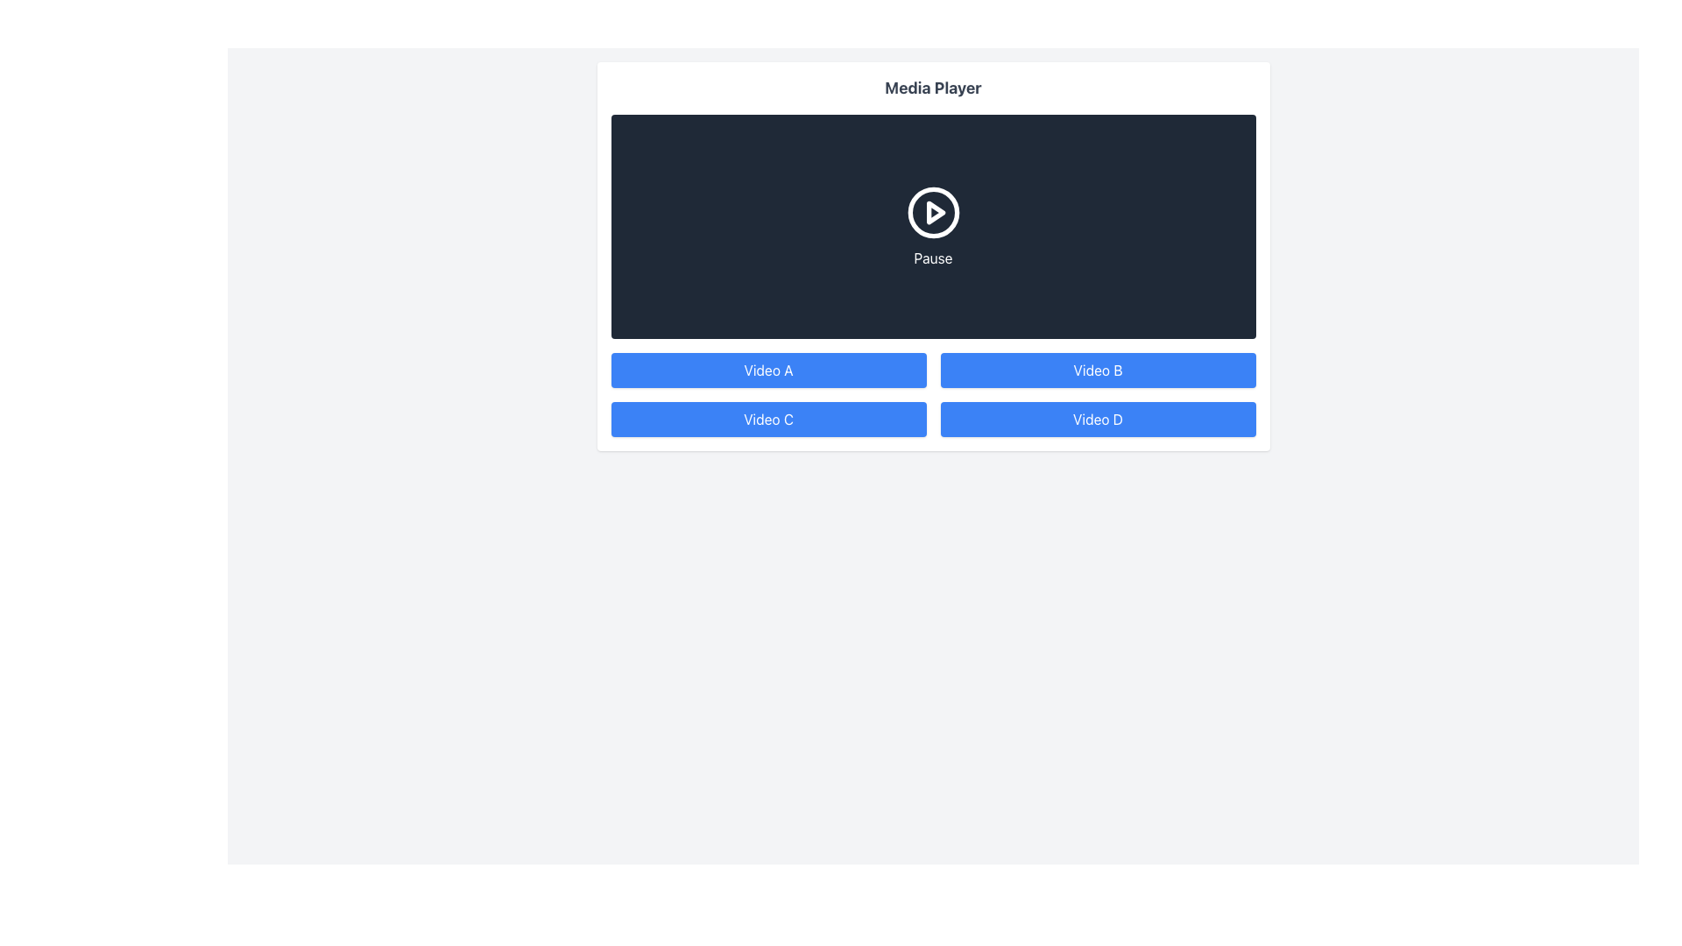 The image size is (1682, 946). I want to click on the circular outline that is styled as a ring with a moderate stroke-width, located in the center of the media player area, encompassing the play button graphic, so click(932, 212).